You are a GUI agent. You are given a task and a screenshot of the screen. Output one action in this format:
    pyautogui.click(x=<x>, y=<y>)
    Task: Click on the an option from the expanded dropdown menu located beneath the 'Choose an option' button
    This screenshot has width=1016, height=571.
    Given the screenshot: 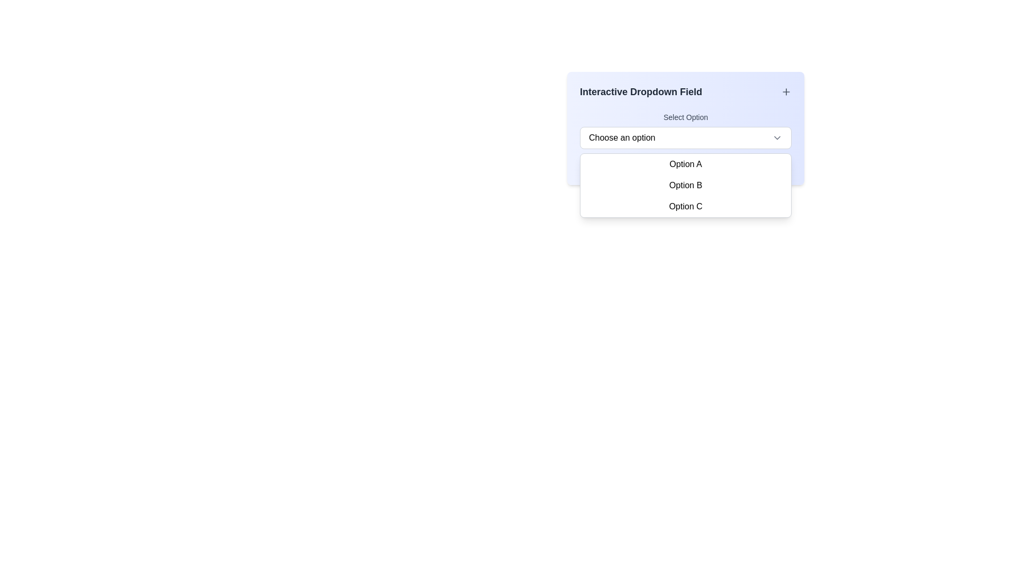 What is the action you would take?
    pyautogui.click(x=686, y=185)
    